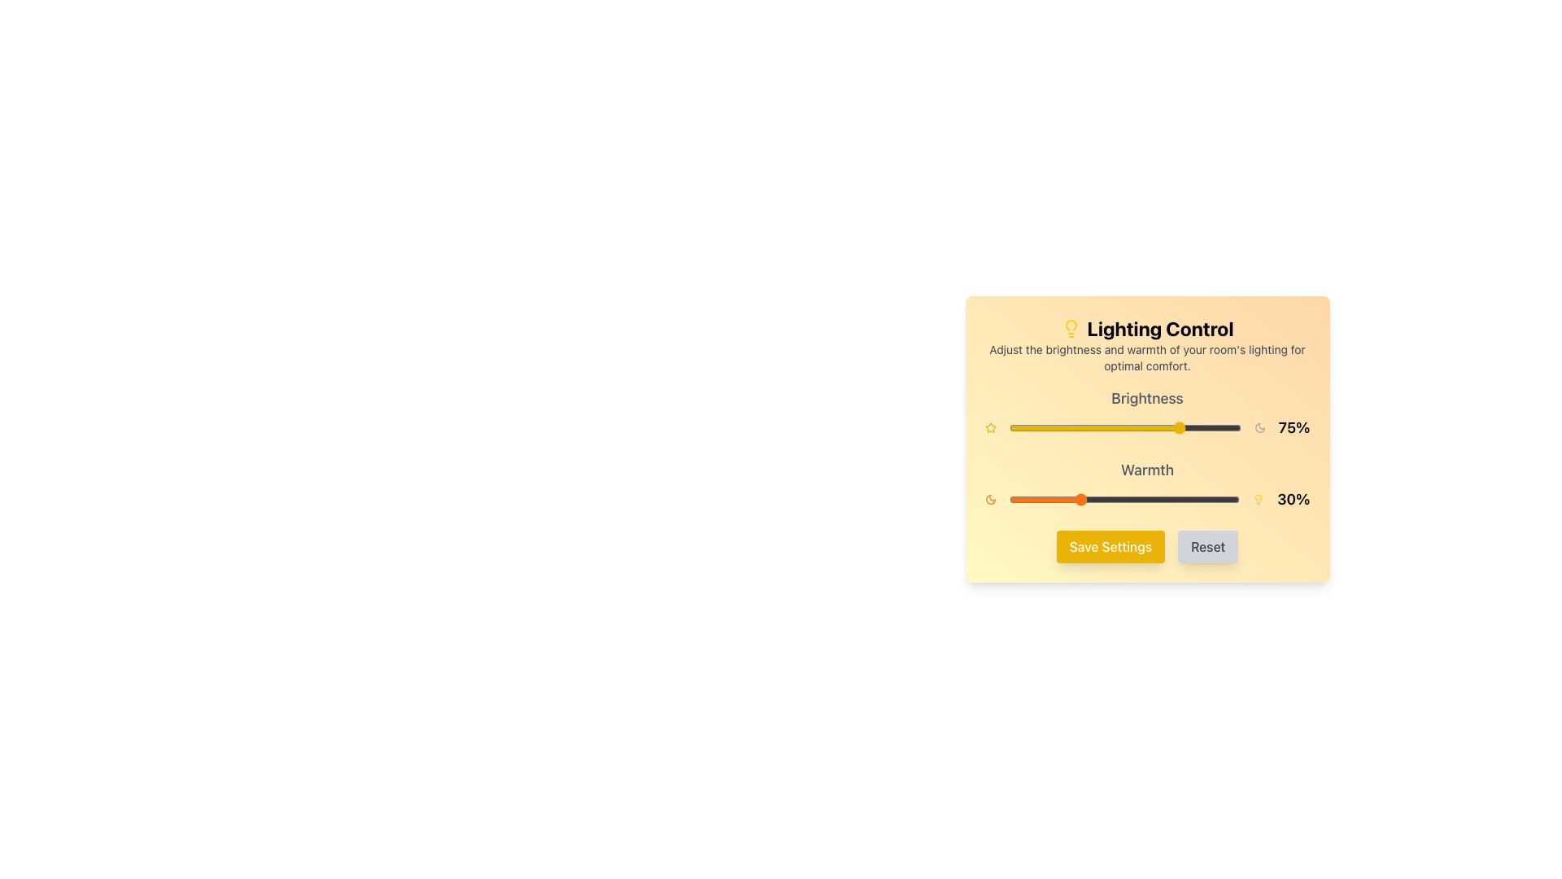 The height and width of the screenshot is (879, 1562). What do you see at coordinates (1207, 546) in the screenshot?
I see `the 'Reset' button with a gray background and rounded corners, located to the right of the 'Save Settings' button in the 'Lighting Control' panel` at bounding box center [1207, 546].